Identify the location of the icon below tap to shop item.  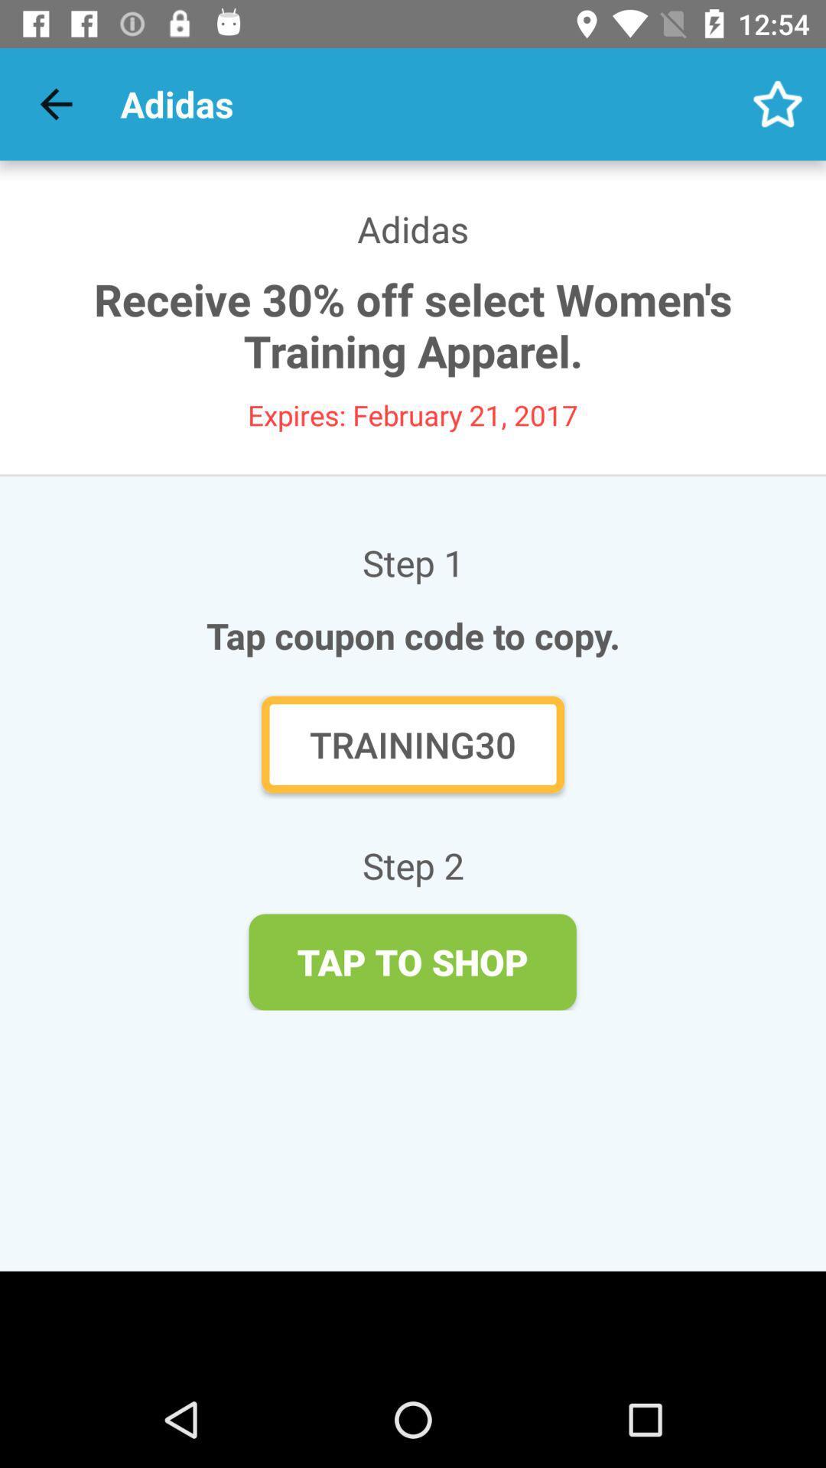
(413, 1320).